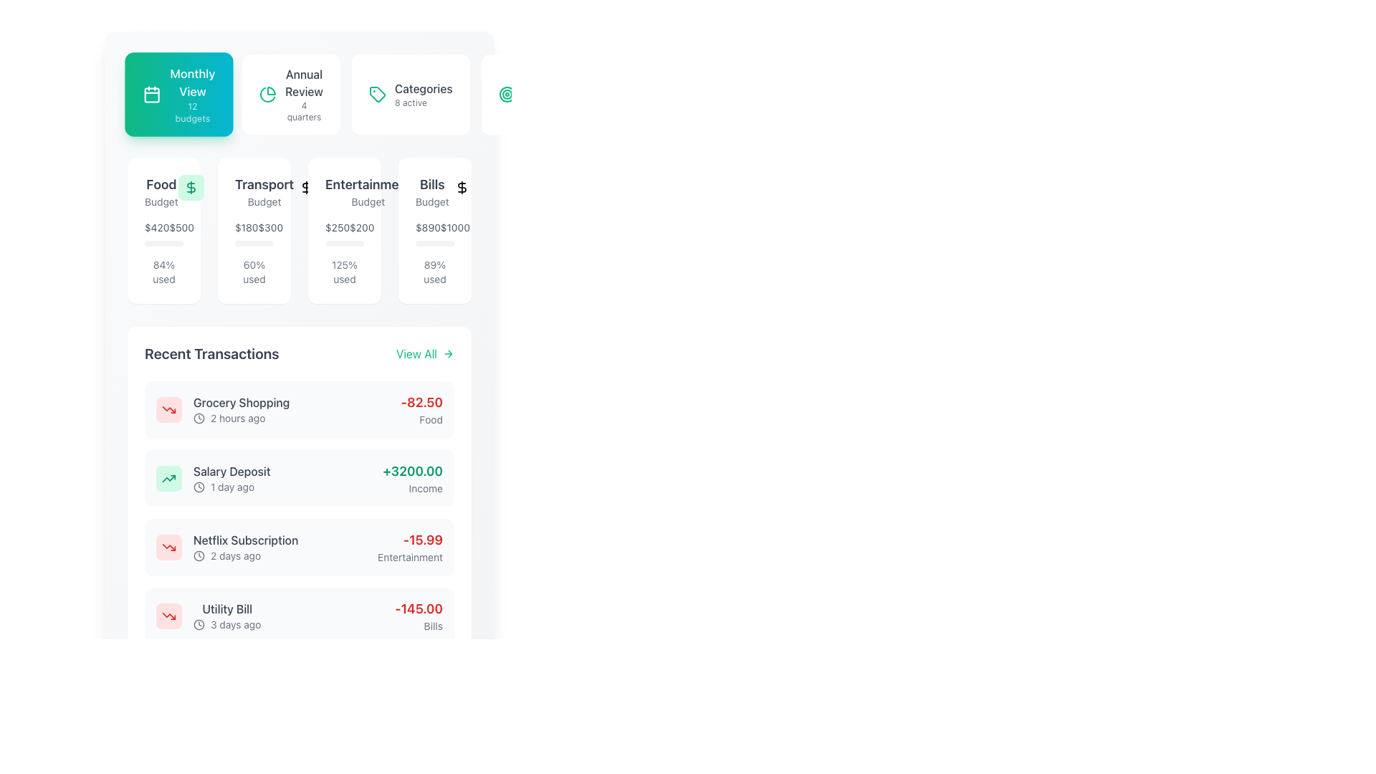 Image resolution: width=1376 pixels, height=774 pixels. What do you see at coordinates (298, 616) in the screenshot?
I see `the 'Utility Bill' transaction entry in the 'Recent Transactions' section` at bounding box center [298, 616].